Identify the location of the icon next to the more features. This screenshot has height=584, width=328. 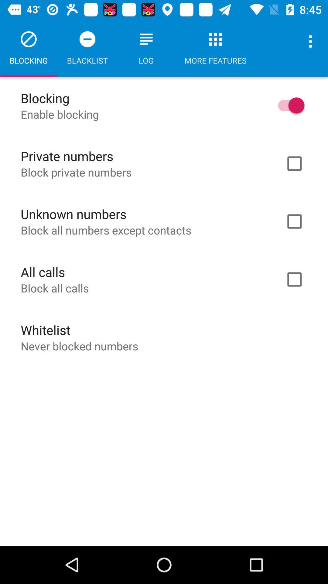
(312, 41).